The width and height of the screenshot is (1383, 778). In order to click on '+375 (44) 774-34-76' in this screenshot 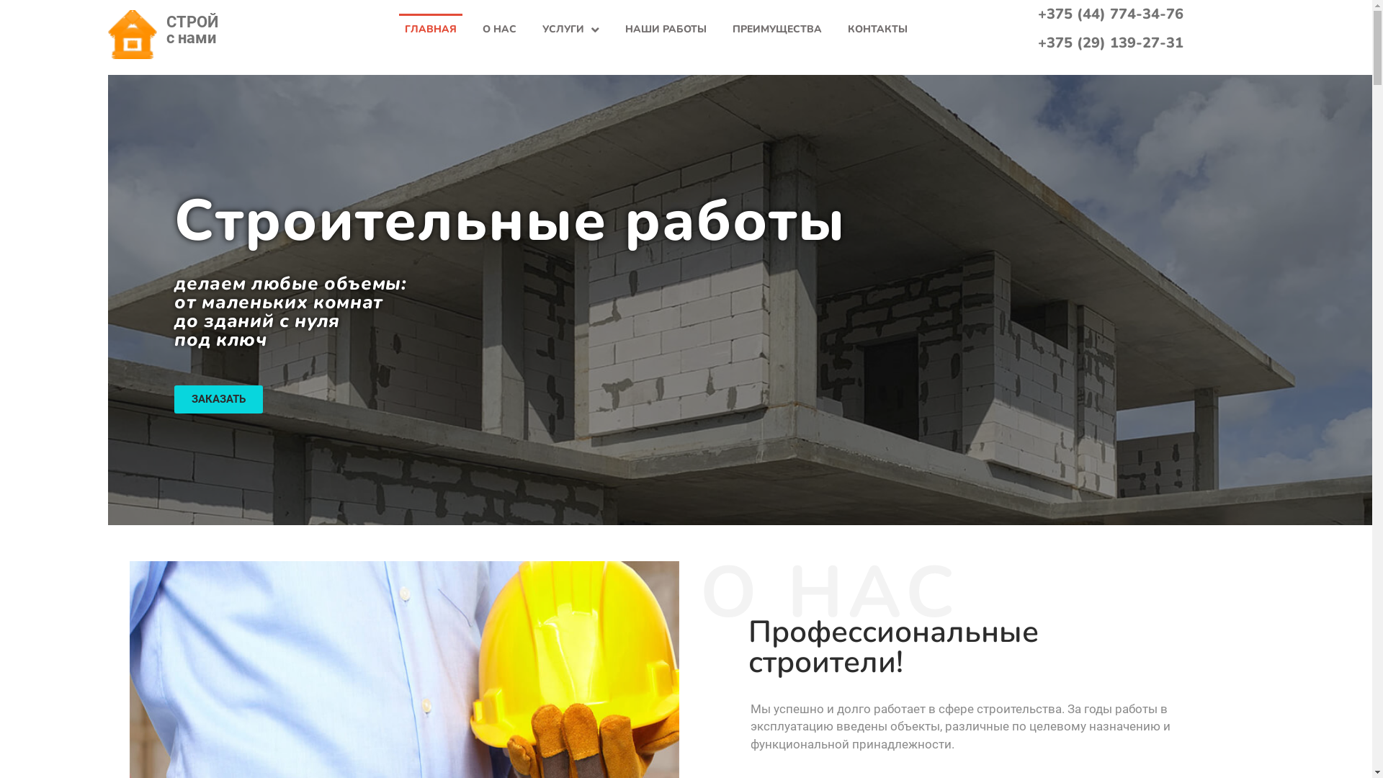, I will do `click(1109, 14)`.